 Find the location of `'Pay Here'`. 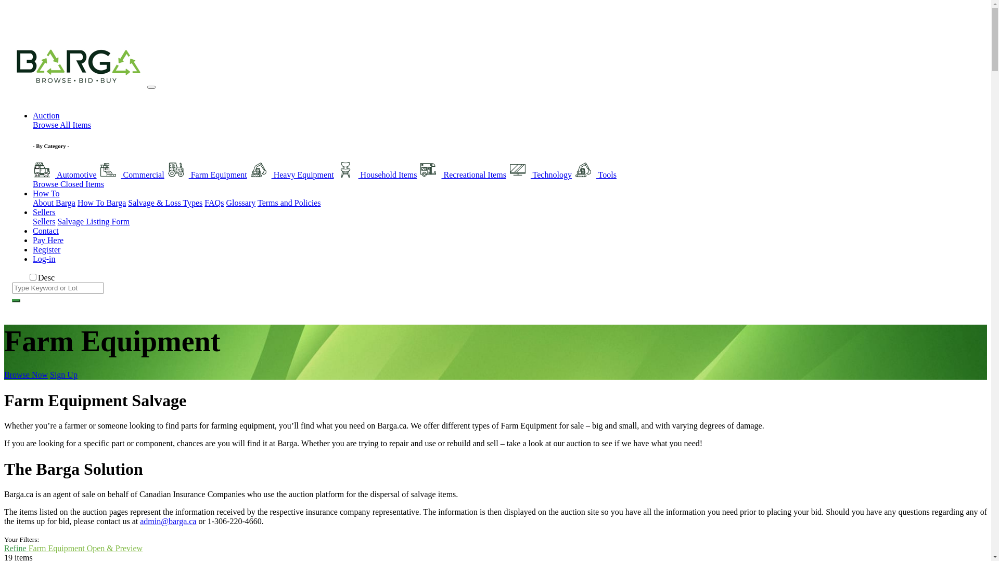

'Pay Here' is located at coordinates (47, 240).